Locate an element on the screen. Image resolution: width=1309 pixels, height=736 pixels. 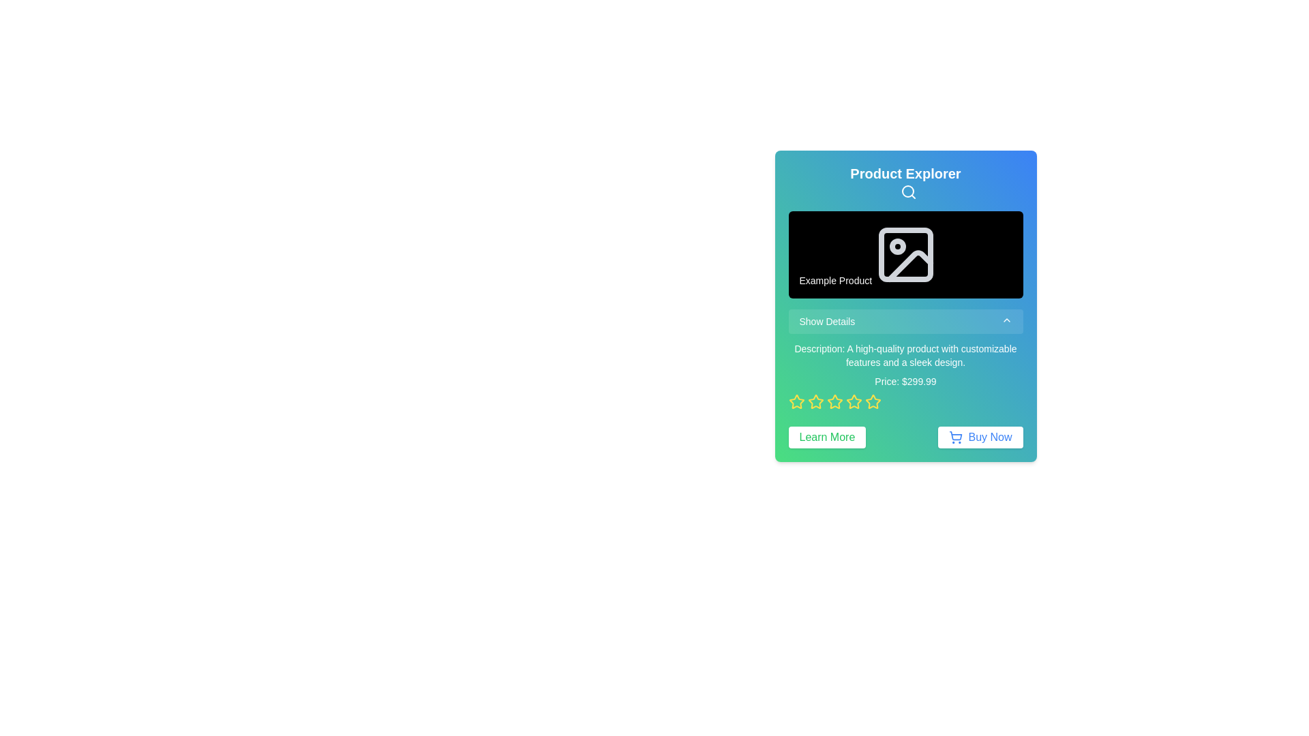
the first rating star icon, which is a star-shaped icon with a yellow outline on a green background is located at coordinates (796, 401).